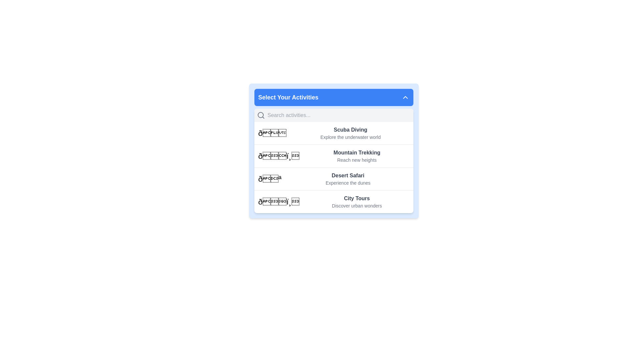  Describe the element at coordinates (356, 153) in the screenshot. I see `the text label that serves as the title of an activity option in the list, located under 'Select Your Activities', to trigger any related tooltip or style change` at that location.